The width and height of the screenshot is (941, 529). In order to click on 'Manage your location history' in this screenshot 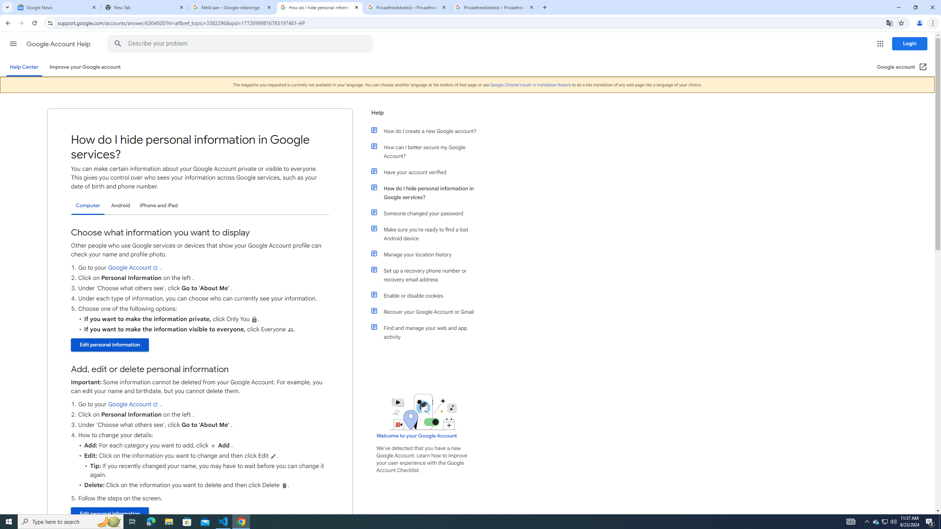, I will do `click(427, 255)`.